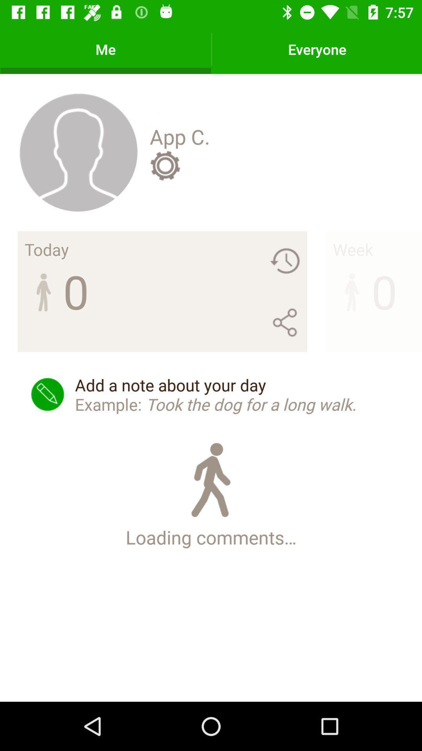 The image size is (422, 751). Describe the element at coordinates (105, 49) in the screenshot. I see `the me button at the top left  corner of the page` at that location.